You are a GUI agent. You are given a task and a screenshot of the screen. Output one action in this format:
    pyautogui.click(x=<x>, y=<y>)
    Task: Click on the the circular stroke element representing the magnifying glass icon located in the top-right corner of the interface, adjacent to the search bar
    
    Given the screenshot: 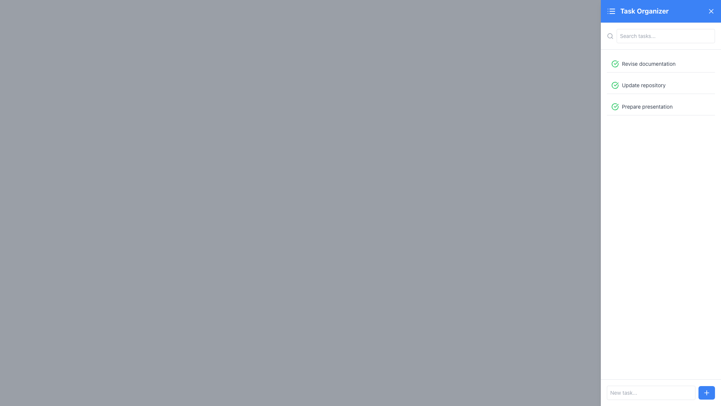 What is the action you would take?
    pyautogui.click(x=610, y=36)
    